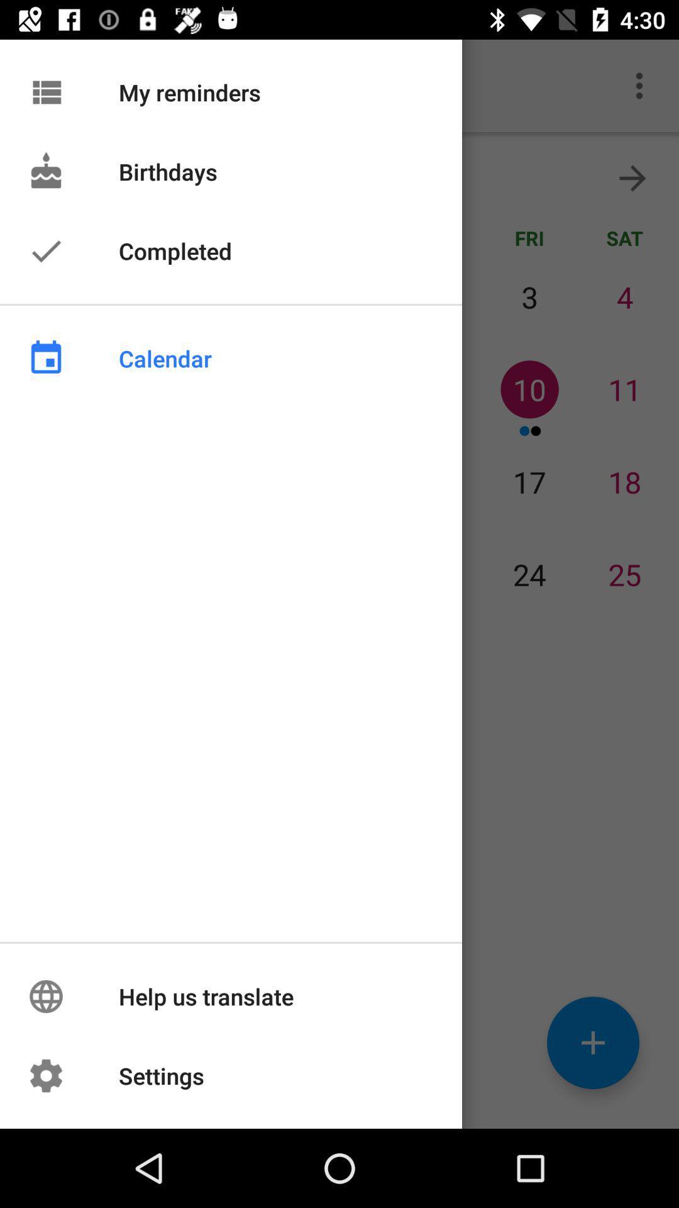 This screenshot has width=679, height=1208. I want to click on the add icon, so click(593, 1043).